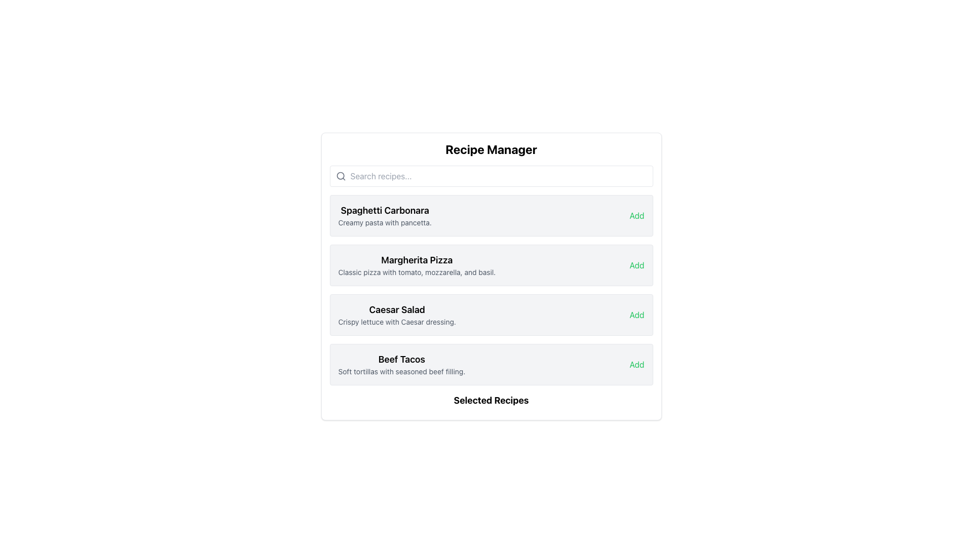 Image resolution: width=973 pixels, height=547 pixels. I want to click on text description that provides additional details about the 'Margherita Pizza' menu item, which is located directly beneath the title in the vertical list of menu items, so click(417, 271).